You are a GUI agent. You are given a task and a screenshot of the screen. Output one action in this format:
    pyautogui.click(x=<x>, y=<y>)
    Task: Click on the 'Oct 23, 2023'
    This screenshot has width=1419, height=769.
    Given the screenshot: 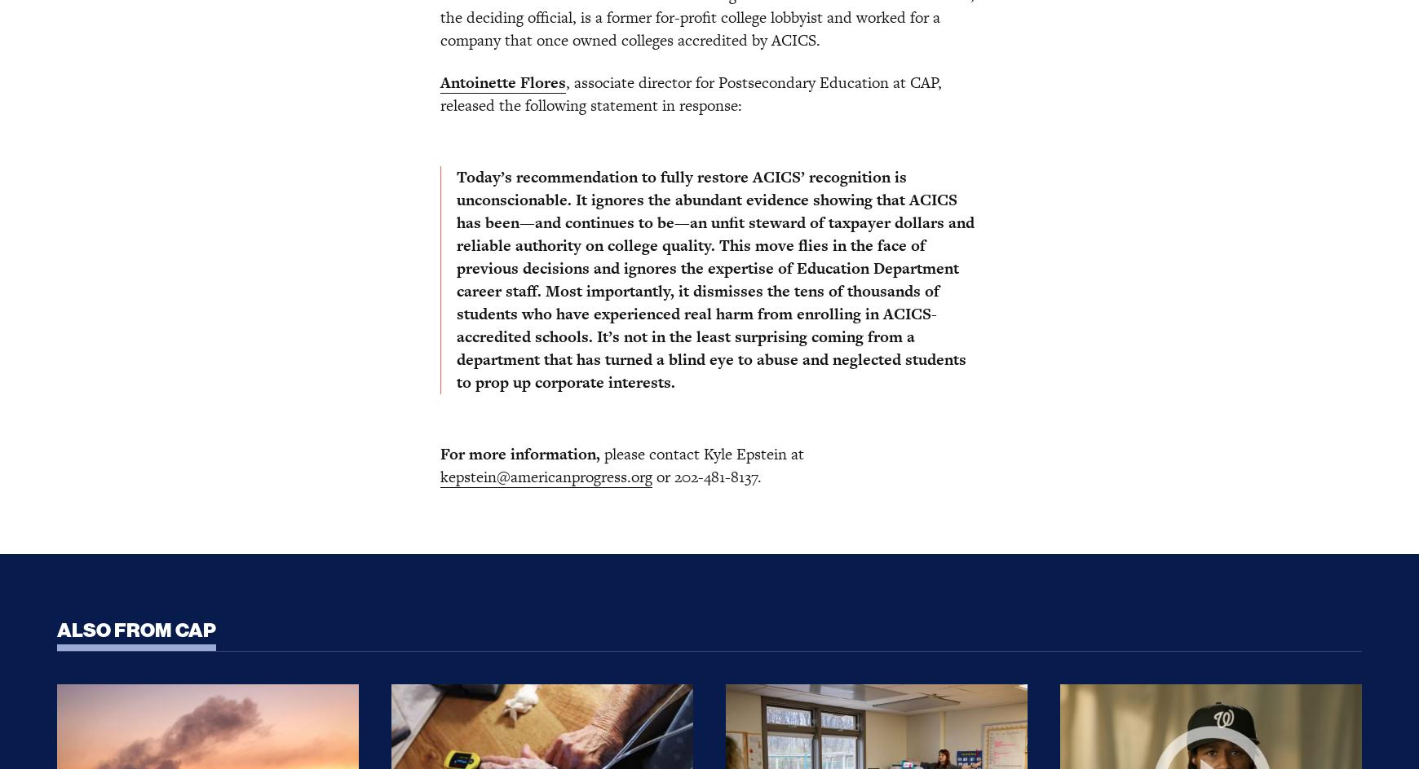 What is the action you would take?
    pyautogui.click(x=390, y=315)
    